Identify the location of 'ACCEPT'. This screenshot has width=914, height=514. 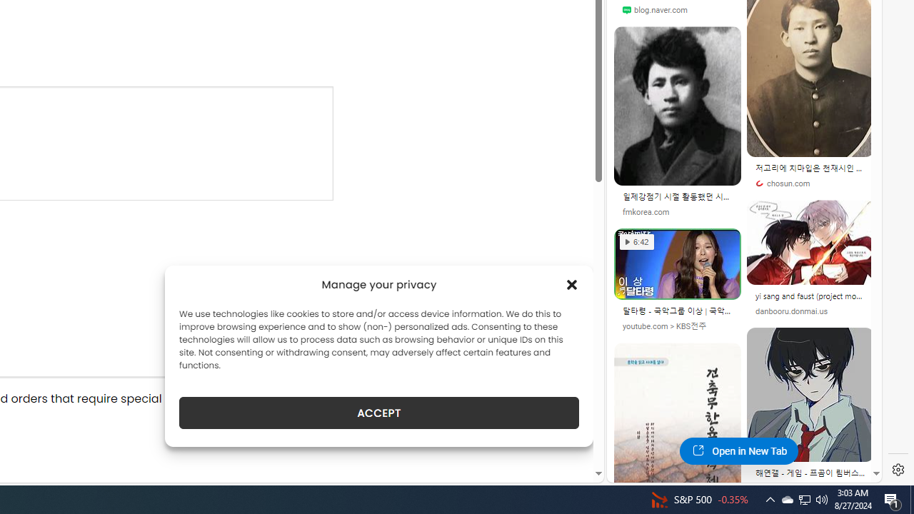
(379, 413).